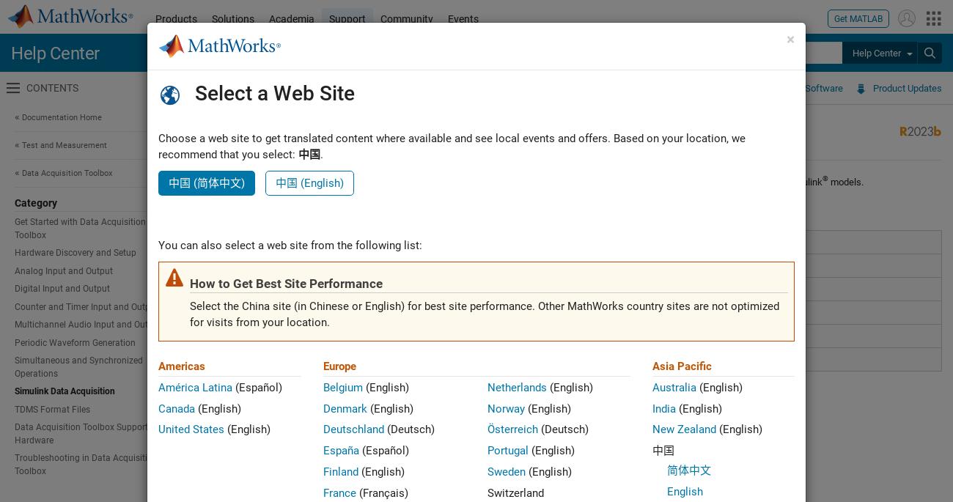 Image resolution: width=953 pixels, height=502 pixels. What do you see at coordinates (75, 252) in the screenshot?
I see `'Hardware Discovery and Setup'` at bounding box center [75, 252].